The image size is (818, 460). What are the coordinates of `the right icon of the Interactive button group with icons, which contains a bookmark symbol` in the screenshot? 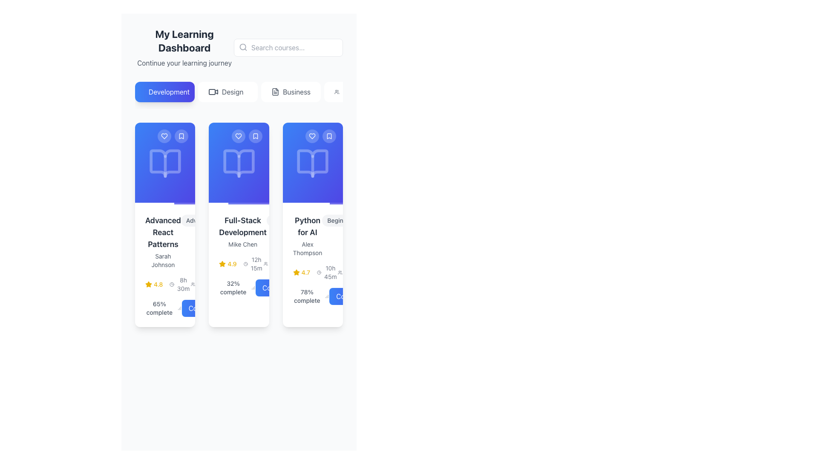 It's located at (173, 136).